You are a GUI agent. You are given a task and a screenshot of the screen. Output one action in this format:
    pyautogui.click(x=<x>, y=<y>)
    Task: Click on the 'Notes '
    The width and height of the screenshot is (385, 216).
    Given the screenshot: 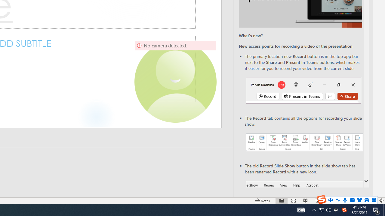 What is the action you would take?
    pyautogui.click(x=263, y=201)
    